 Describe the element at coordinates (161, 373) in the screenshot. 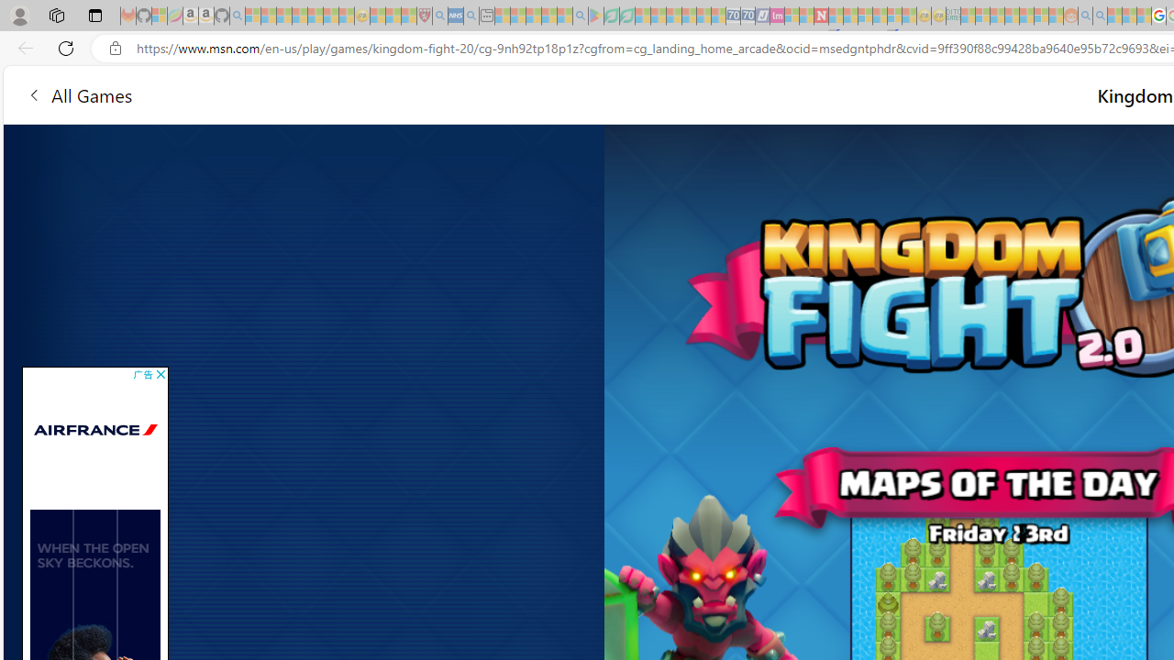

I see `'AutomationID: cbb'` at that location.